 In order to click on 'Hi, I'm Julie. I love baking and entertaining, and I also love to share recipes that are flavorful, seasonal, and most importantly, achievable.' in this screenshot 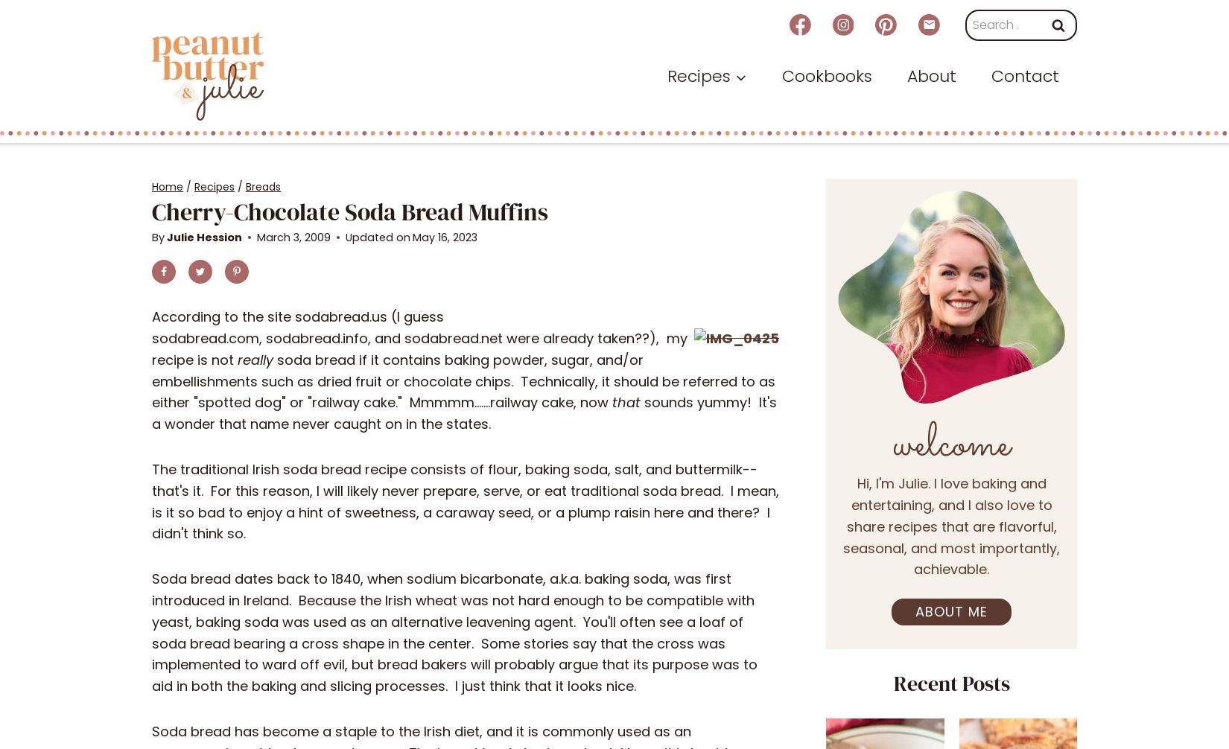, I will do `click(950, 526)`.